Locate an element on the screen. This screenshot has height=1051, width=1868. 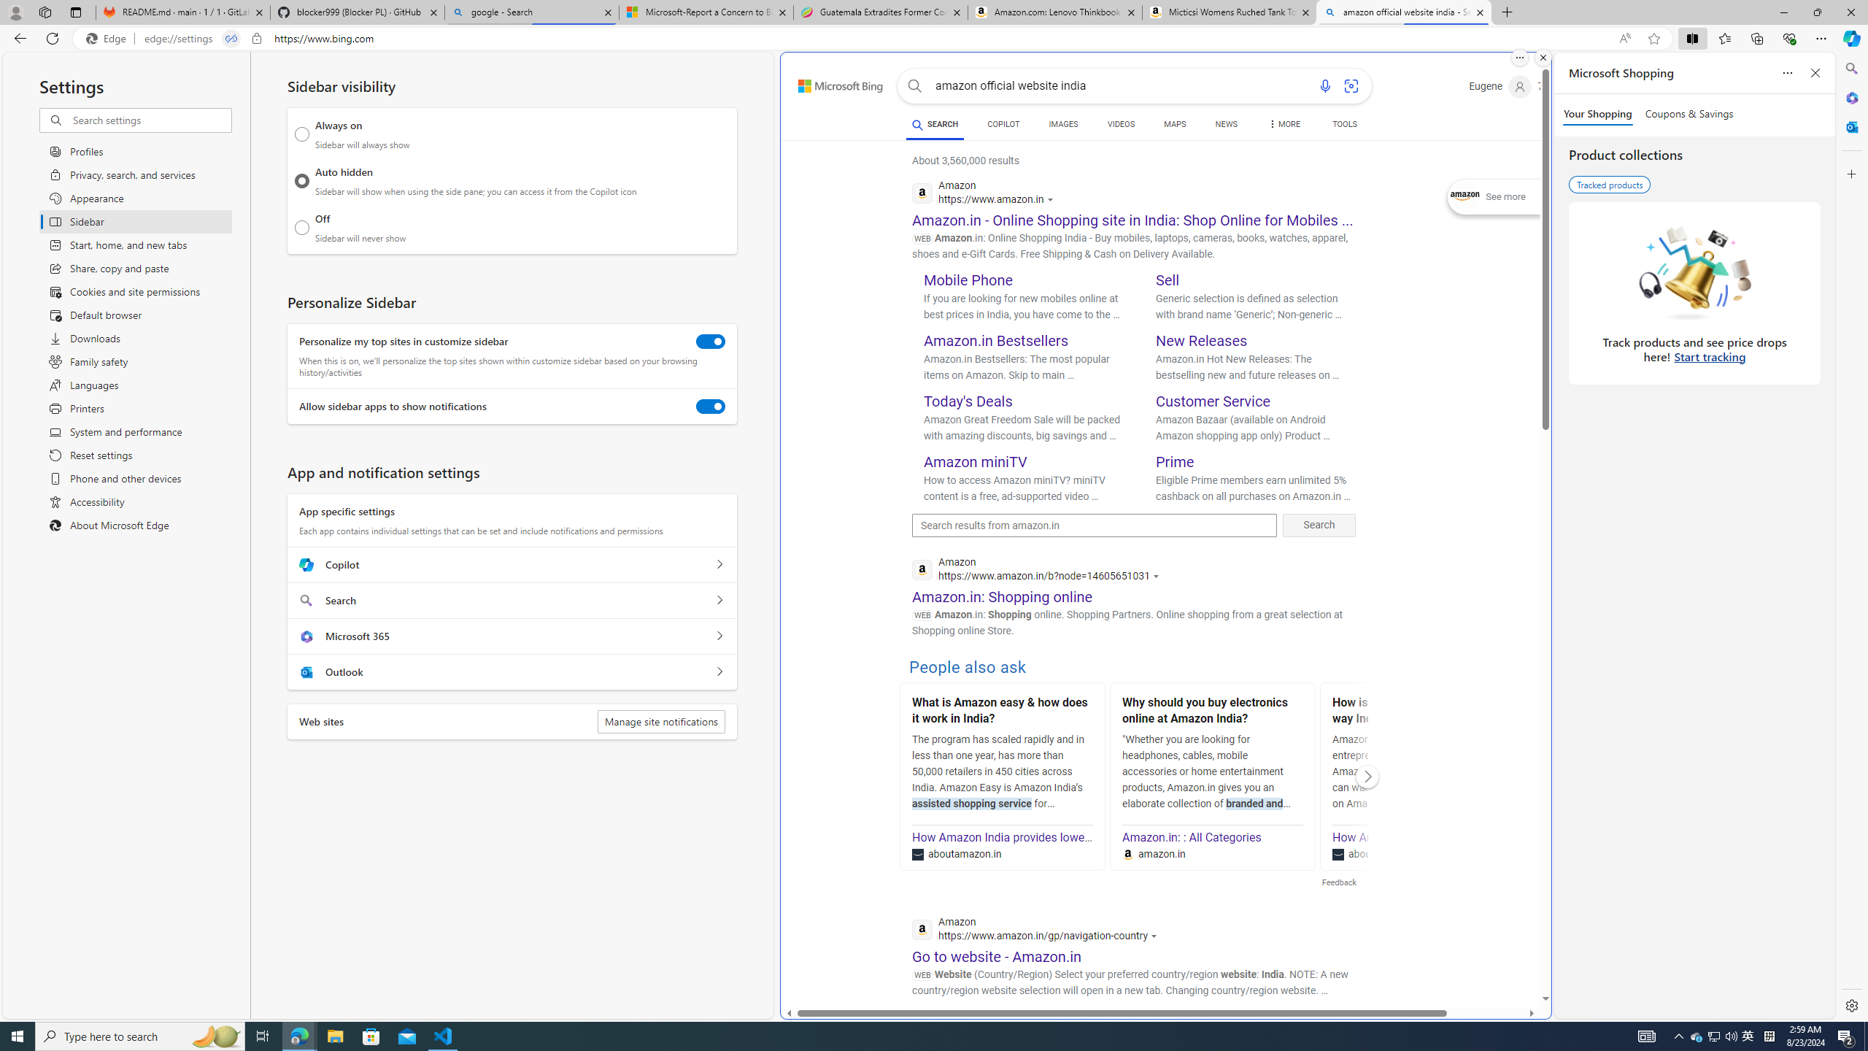
'More options.' is located at coordinates (1519, 57).